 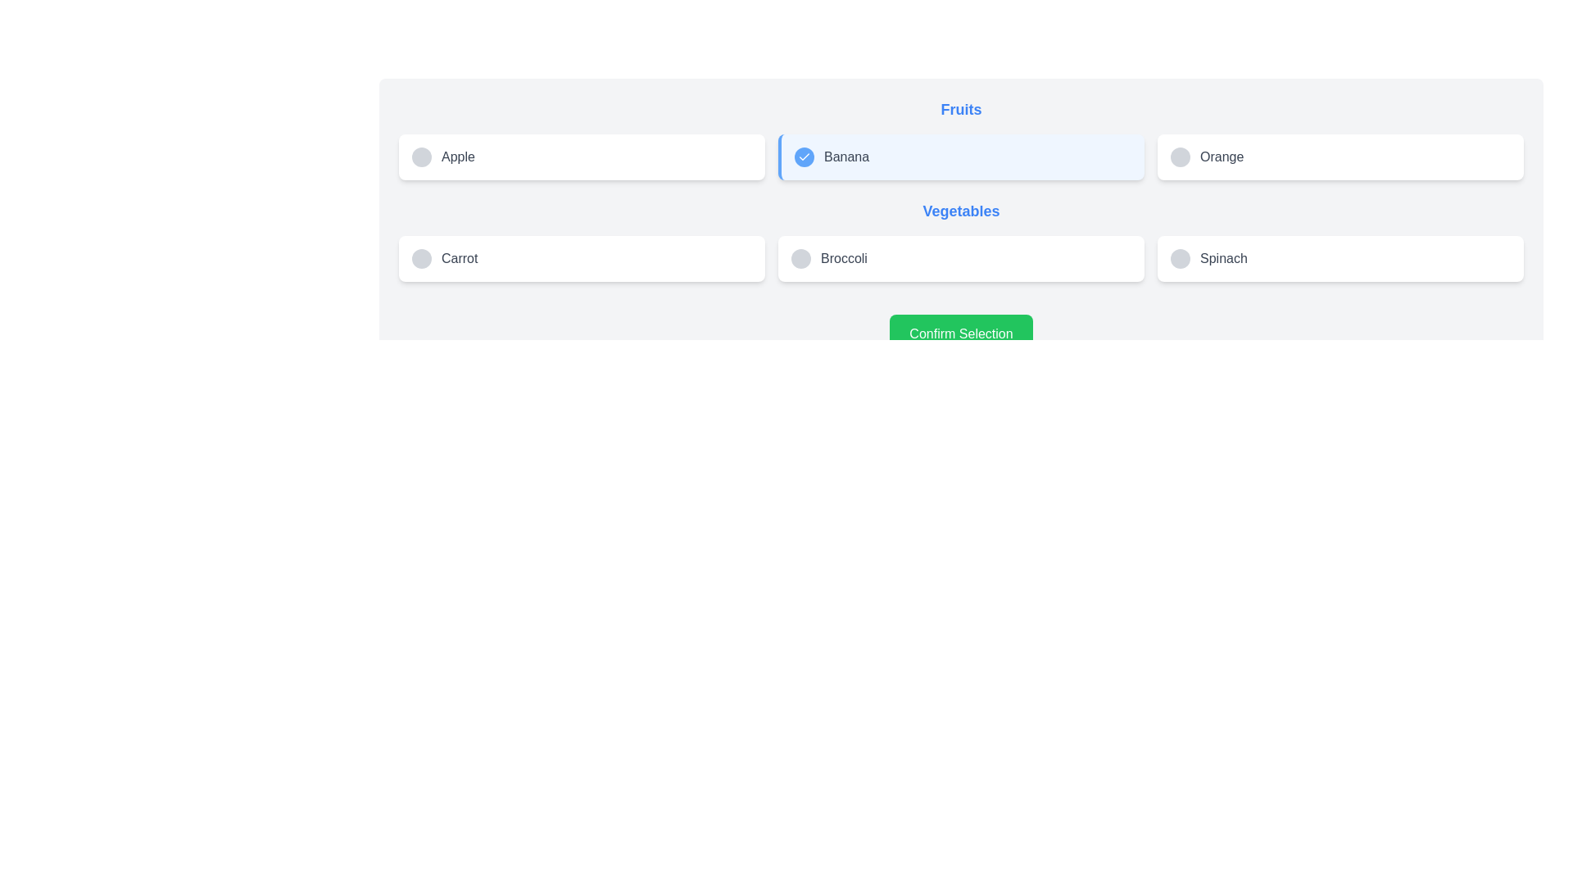 What do you see at coordinates (421, 258) in the screenshot?
I see `the small circular icon with a gray background and white content located within the card labeled 'Carrot'` at bounding box center [421, 258].